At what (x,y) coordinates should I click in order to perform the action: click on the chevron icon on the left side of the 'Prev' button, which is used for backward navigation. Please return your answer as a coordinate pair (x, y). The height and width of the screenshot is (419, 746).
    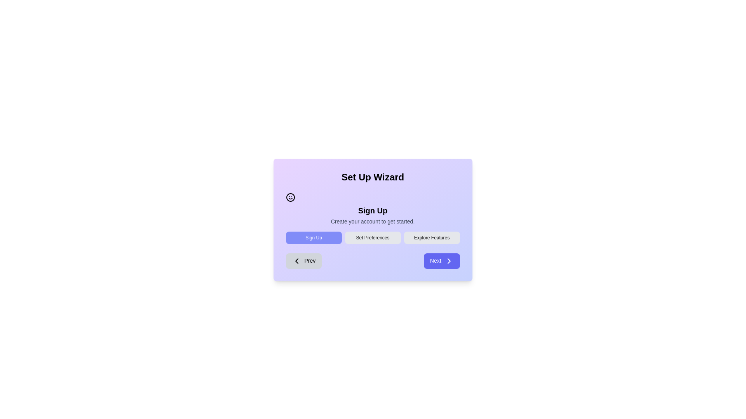
    Looking at the image, I should click on (296, 261).